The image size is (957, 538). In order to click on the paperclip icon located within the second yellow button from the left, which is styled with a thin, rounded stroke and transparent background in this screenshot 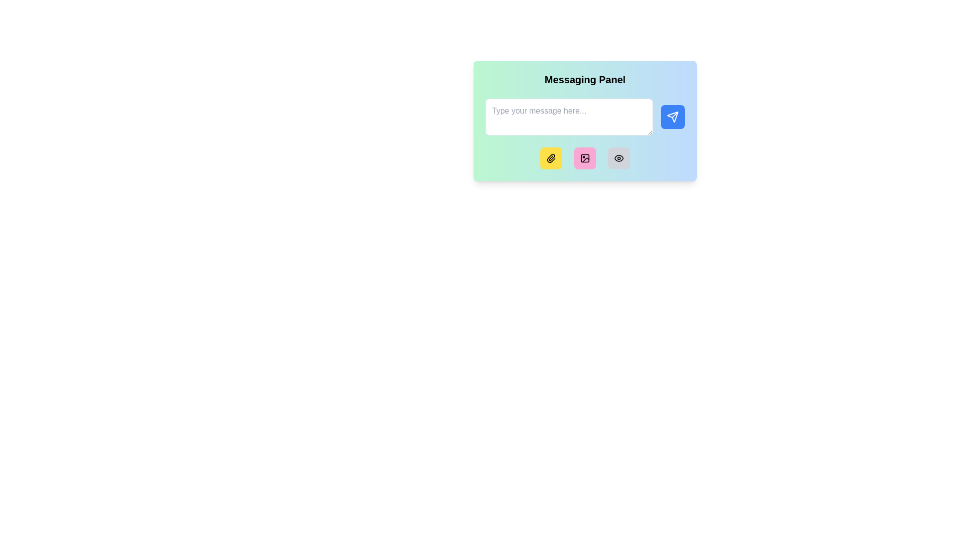, I will do `click(550, 157)`.